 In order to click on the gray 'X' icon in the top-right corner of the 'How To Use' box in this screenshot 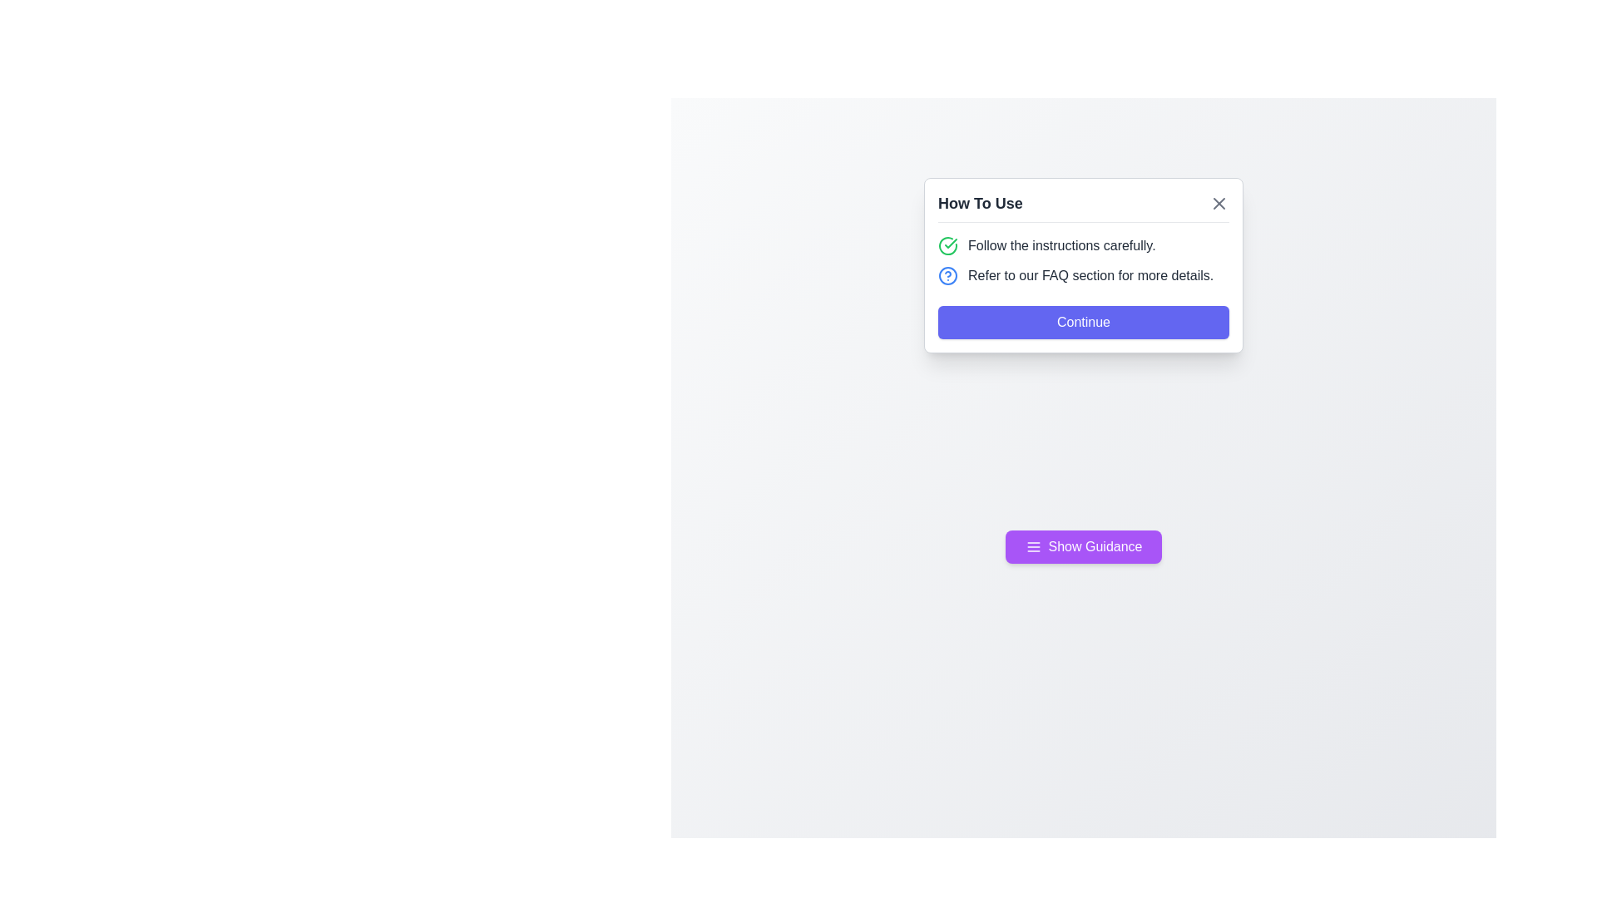, I will do `click(1219, 203)`.